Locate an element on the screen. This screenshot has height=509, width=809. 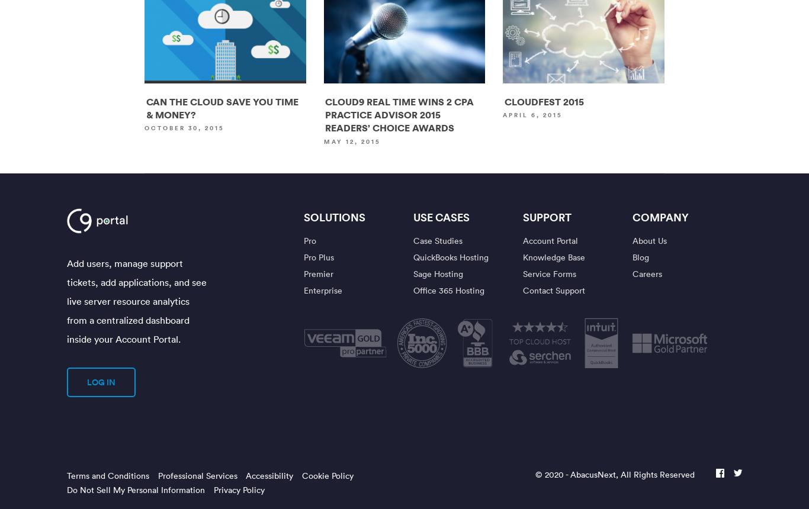
'Careers' is located at coordinates (646, 273).